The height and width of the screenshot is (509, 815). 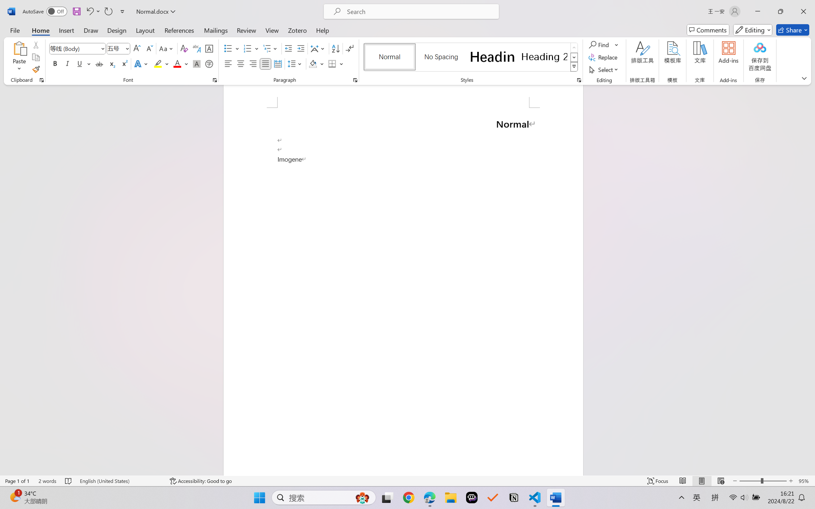 I want to click on 'Heading 2', so click(x=544, y=57).